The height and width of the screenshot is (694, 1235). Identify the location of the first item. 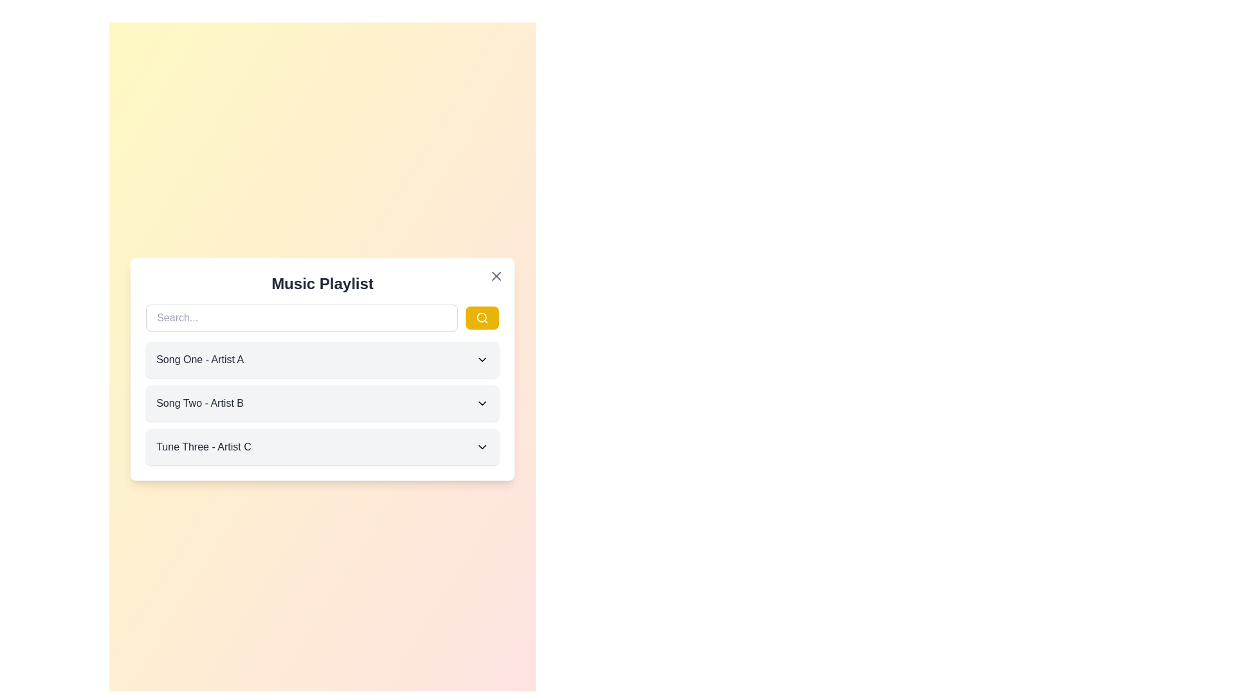
(322, 369).